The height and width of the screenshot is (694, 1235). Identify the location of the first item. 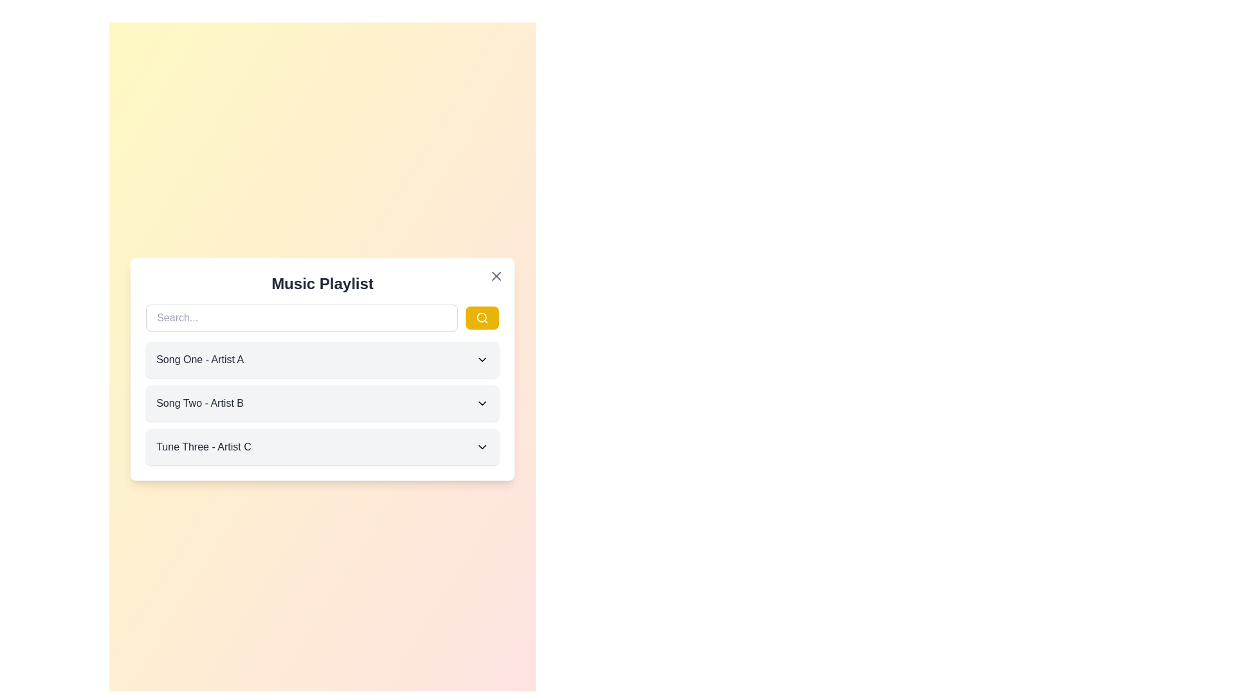
(322, 369).